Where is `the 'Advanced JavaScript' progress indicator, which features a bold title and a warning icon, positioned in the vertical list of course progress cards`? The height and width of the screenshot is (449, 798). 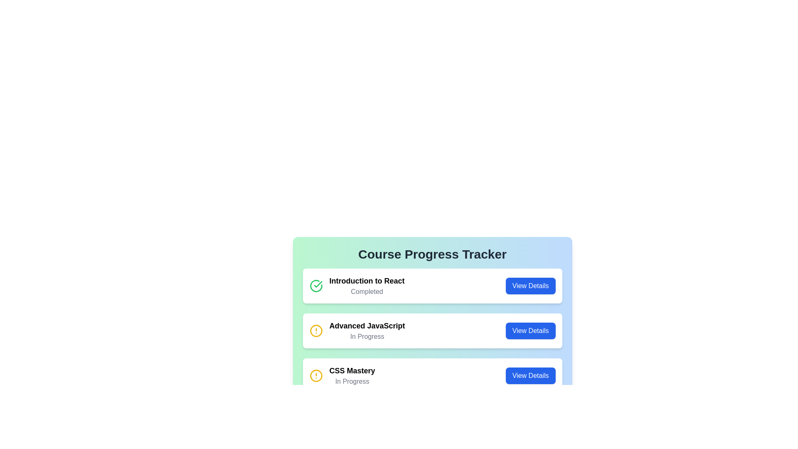 the 'Advanced JavaScript' progress indicator, which features a bold title and a warning icon, positioned in the vertical list of course progress cards is located at coordinates (357, 330).